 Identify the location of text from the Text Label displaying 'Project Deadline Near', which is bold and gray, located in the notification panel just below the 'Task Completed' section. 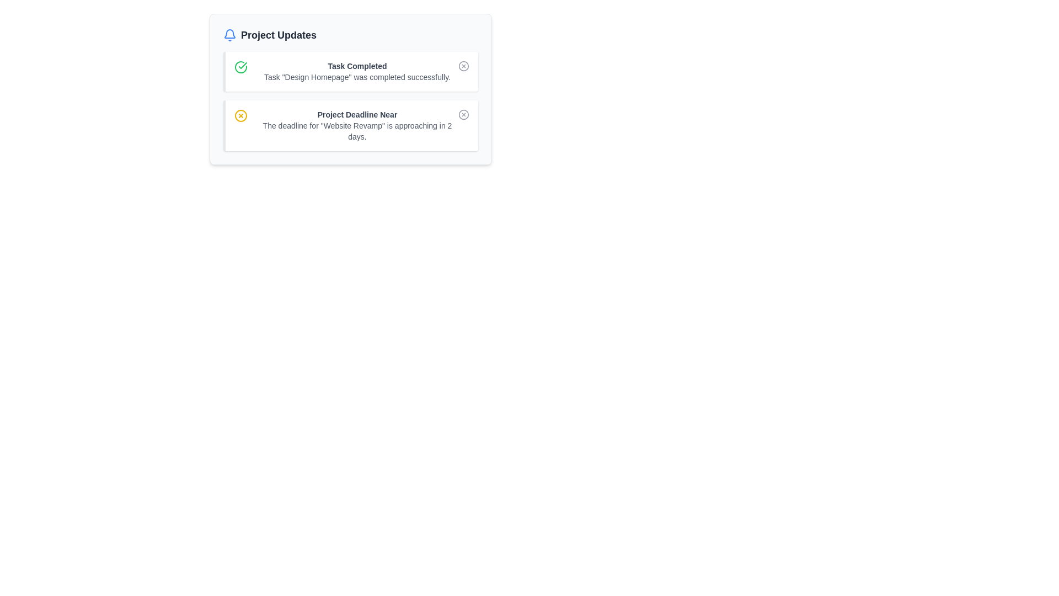
(357, 115).